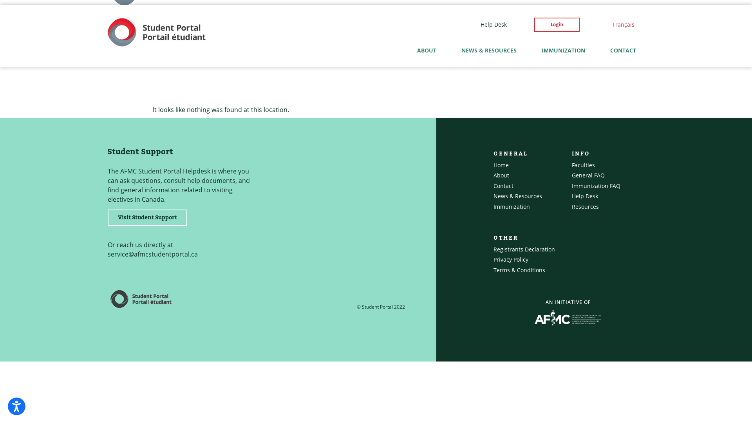 The width and height of the screenshot is (752, 423). I want to click on 'service@afmcstudentportal.ca', so click(152, 254).